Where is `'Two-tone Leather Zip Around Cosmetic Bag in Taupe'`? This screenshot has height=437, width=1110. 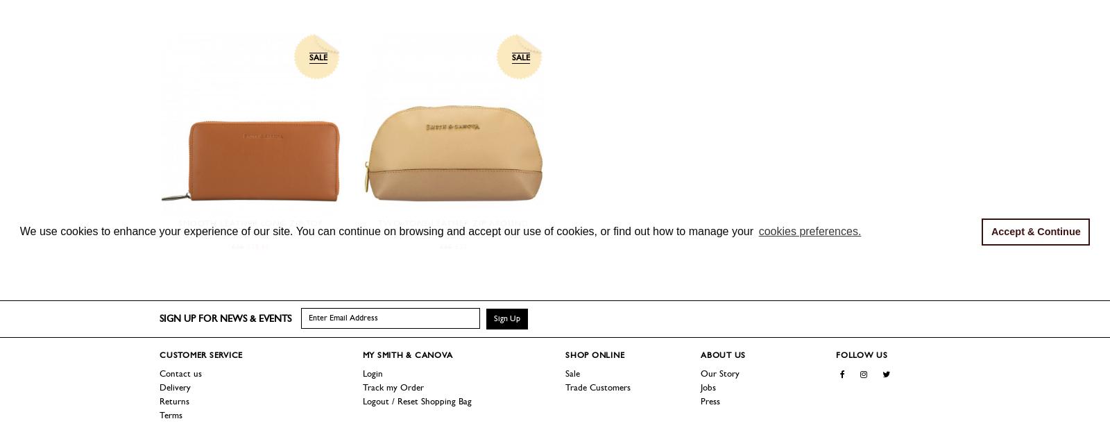
'Two-tone Leather Zip Around Cosmetic Bag in Taupe' is located at coordinates (453, 228).